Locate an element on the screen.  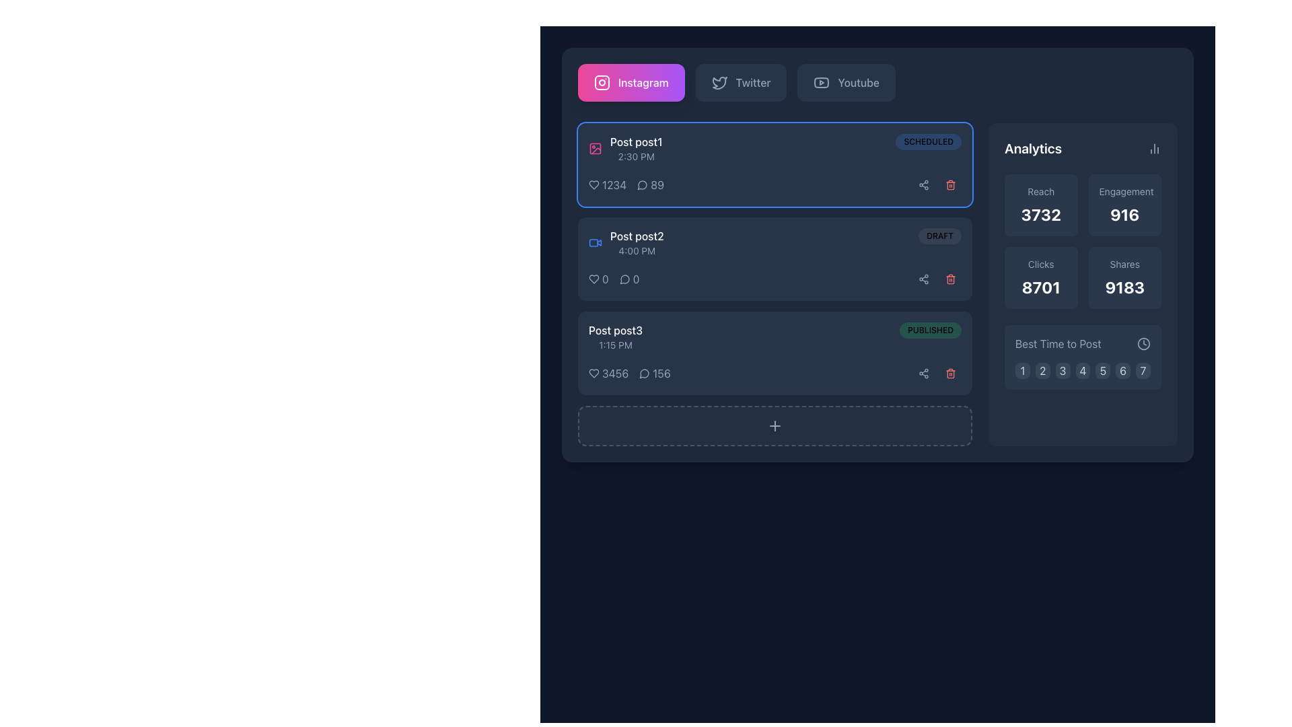
the text element displaying the number '89' next to the speech bubble icon, located in the first row of posts adjacent to the heart icon is located at coordinates (651, 184).